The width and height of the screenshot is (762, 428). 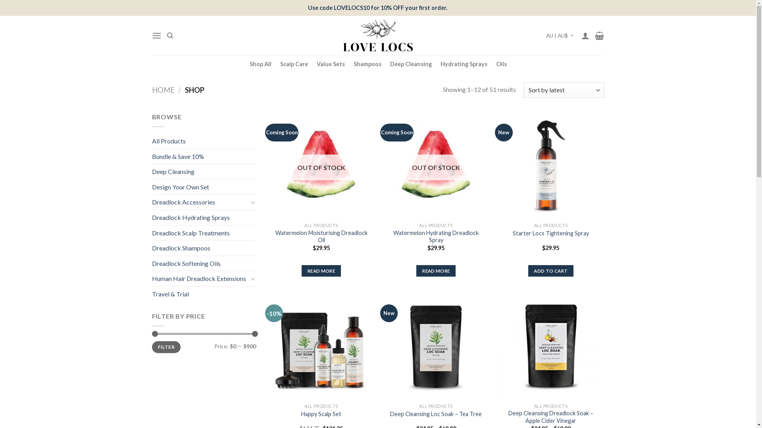 What do you see at coordinates (331, 63) in the screenshot?
I see `'Value Sets'` at bounding box center [331, 63].